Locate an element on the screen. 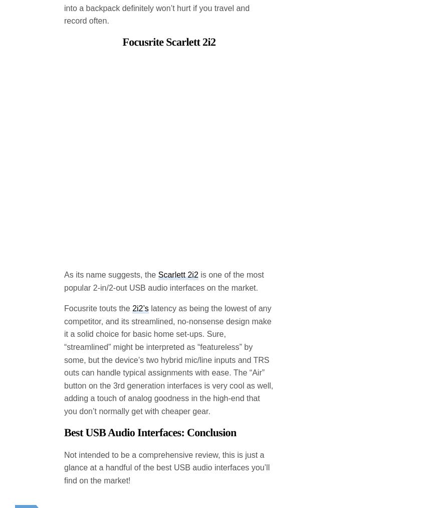  '2i2’s' is located at coordinates (139, 227).